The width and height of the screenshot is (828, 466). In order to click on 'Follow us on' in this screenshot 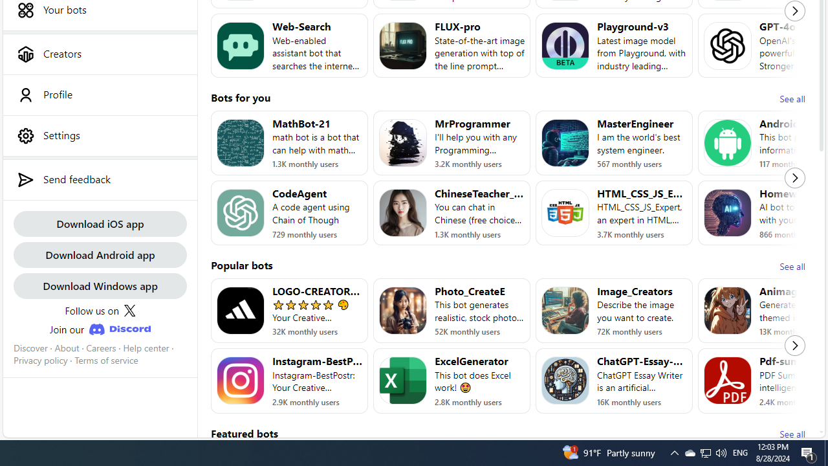, I will do `click(99, 310)`.